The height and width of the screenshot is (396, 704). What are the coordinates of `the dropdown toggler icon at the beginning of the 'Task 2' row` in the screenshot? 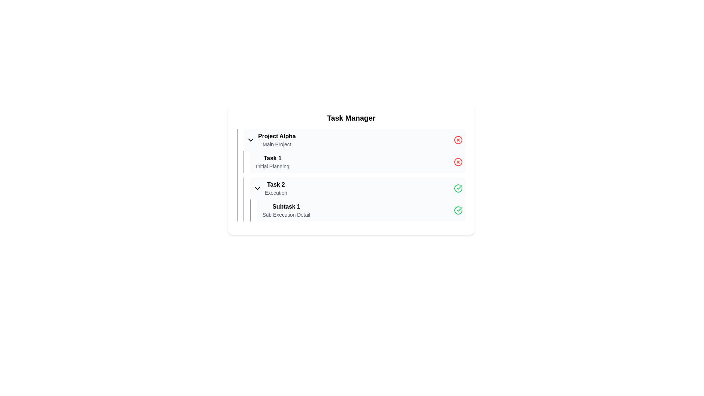 It's located at (257, 188).